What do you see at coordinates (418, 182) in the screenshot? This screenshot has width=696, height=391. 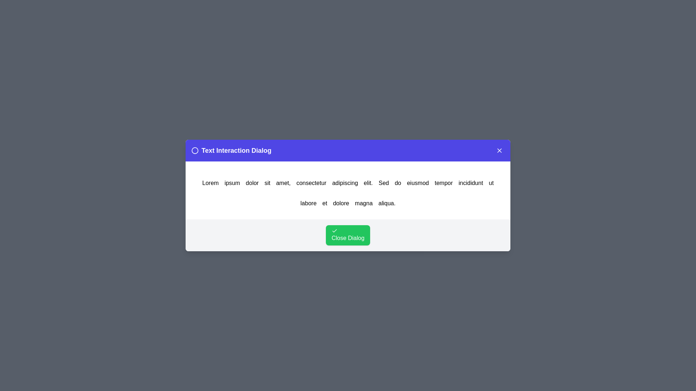 I see `the word eiusmod in the text to trigger an alert displaying the clicked word` at bounding box center [418, 182].